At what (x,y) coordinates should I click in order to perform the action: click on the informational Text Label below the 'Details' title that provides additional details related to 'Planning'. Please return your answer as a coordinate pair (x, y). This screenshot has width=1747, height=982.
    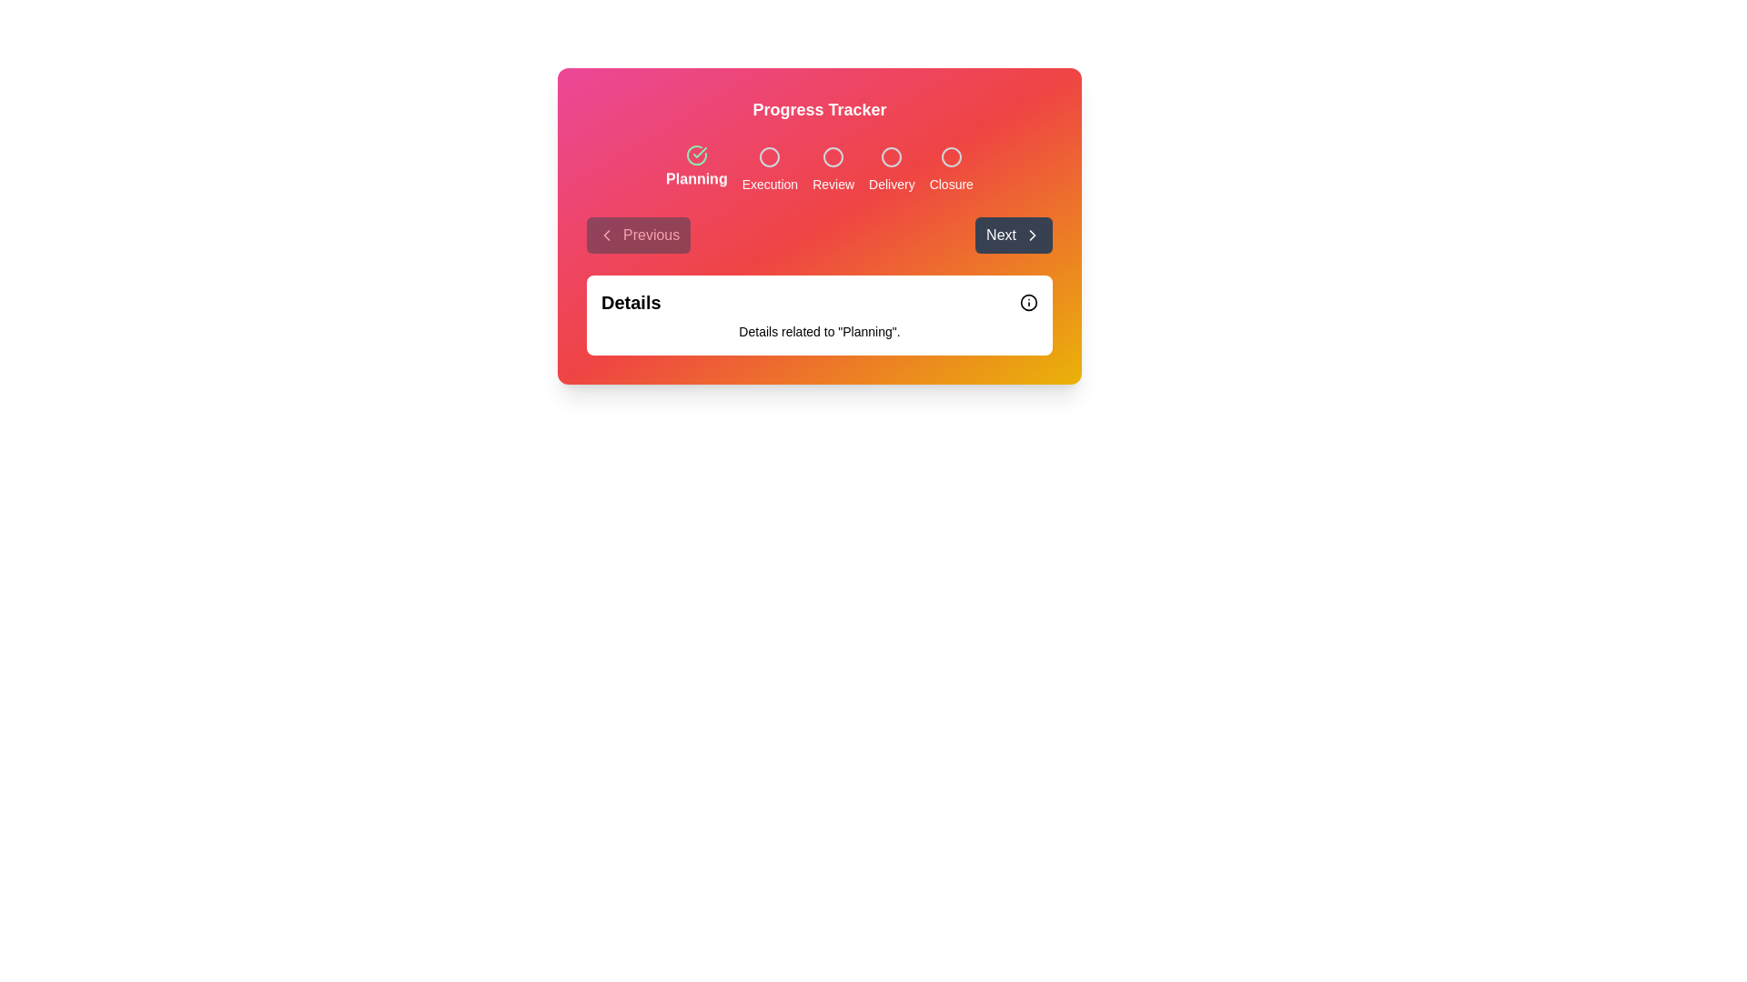
    Looking at the image, I should click on (819, 332).